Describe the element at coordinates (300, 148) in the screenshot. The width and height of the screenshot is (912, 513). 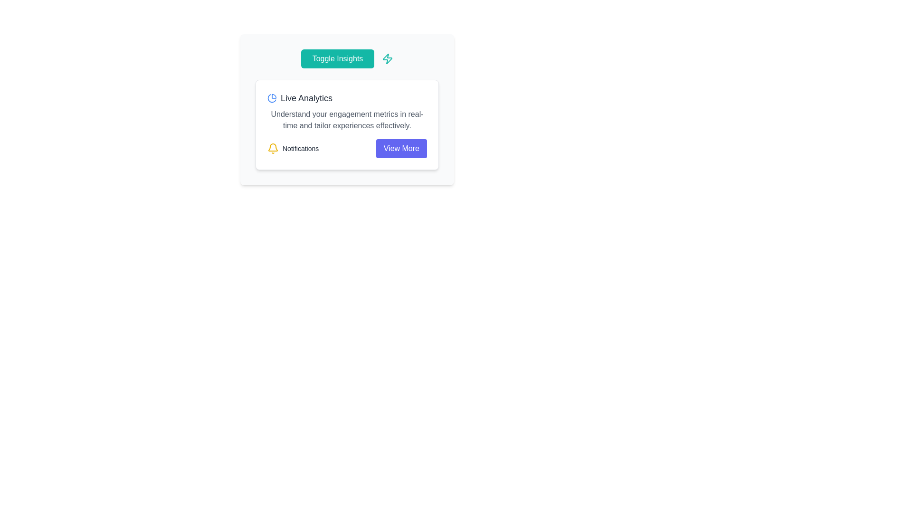
I see `the 'Notifications' text label, which is styled with a small, dense font and is gray in color, located to the right of a yellow bell icon` at that location.